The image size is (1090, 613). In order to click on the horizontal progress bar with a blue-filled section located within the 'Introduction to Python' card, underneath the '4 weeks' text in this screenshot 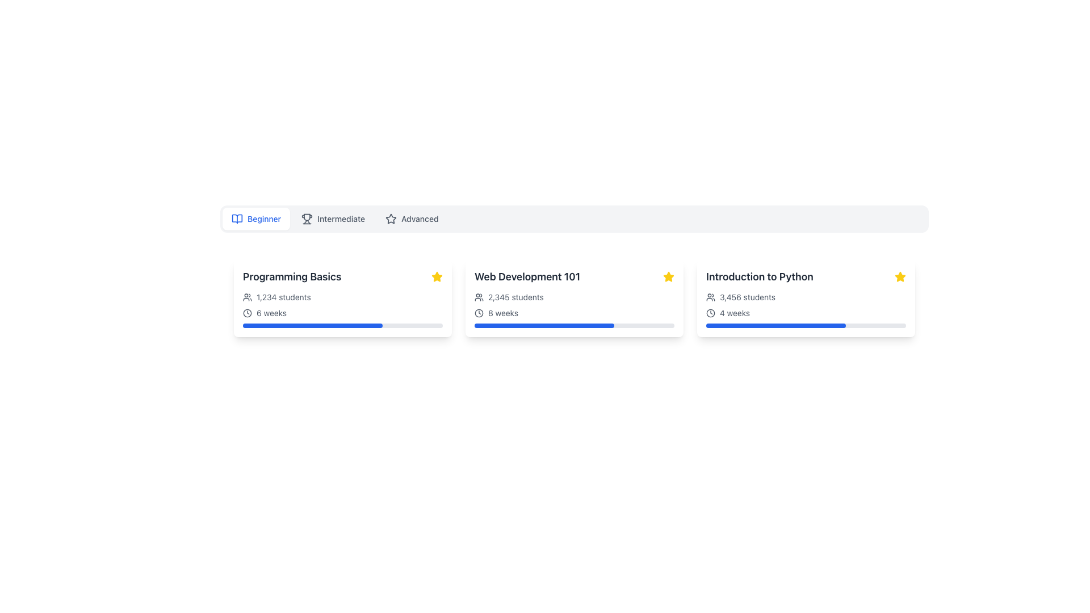, I will do `click(806, 326)`.